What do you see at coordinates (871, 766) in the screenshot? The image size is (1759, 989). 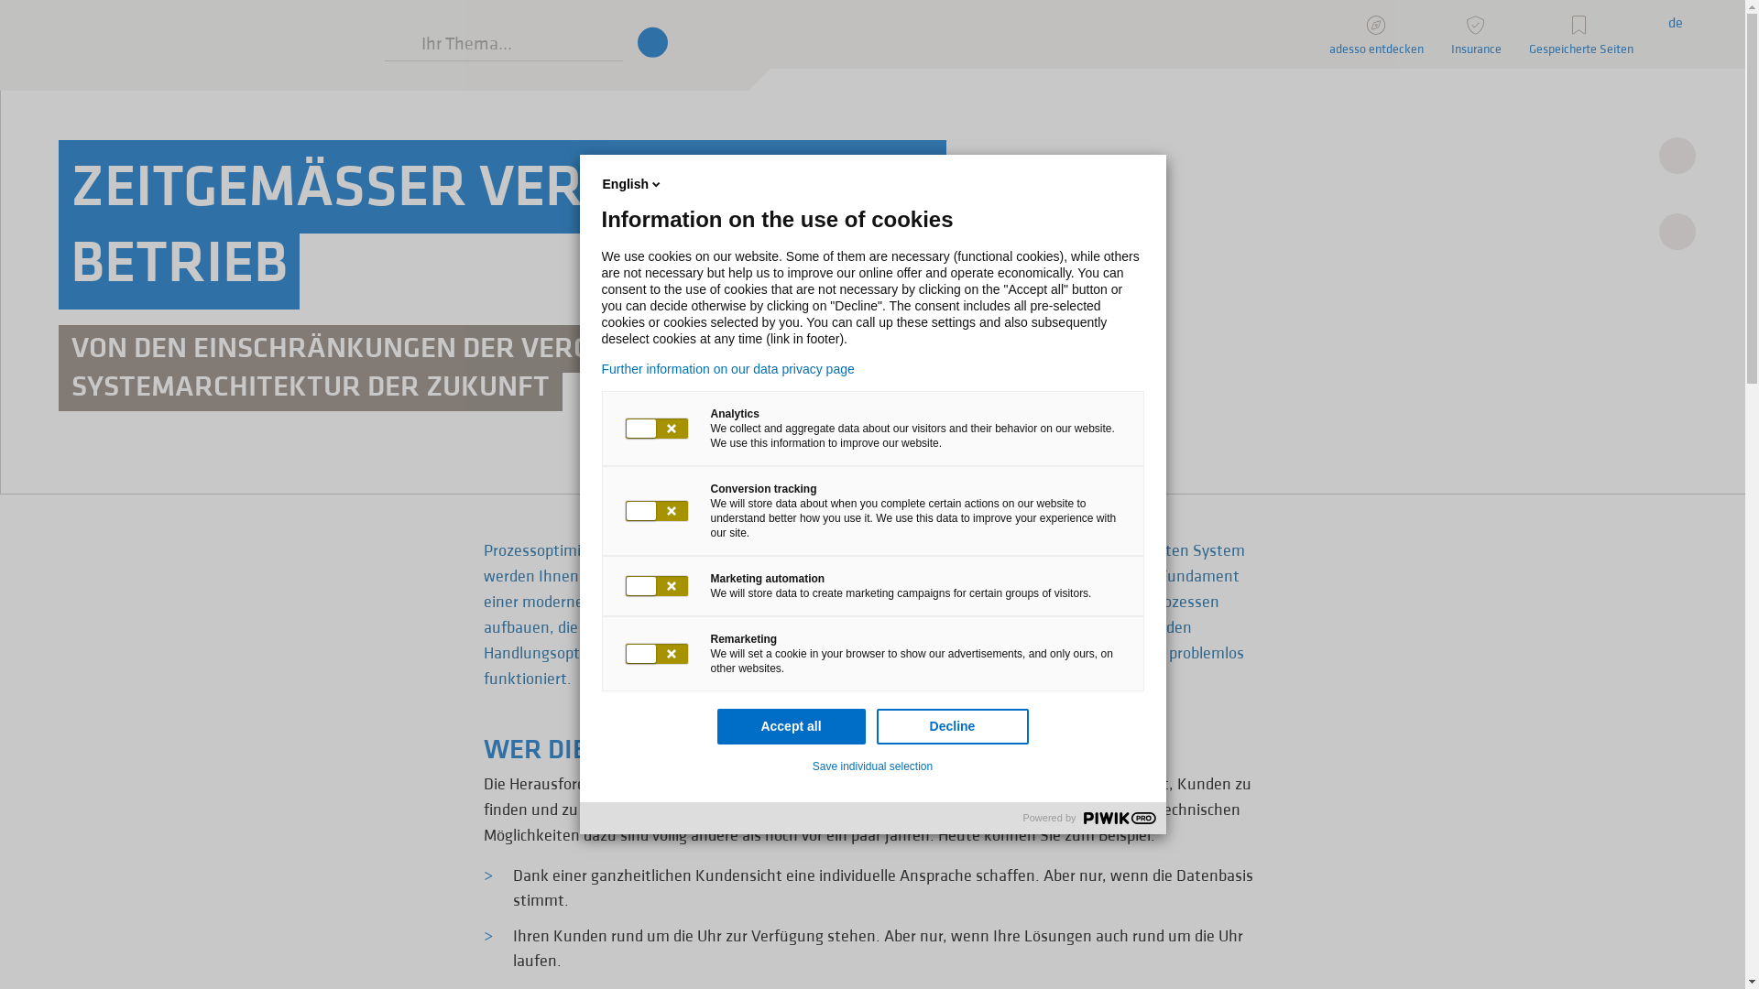 I see `'Save individual selection'` at bounding box center [871, 766].